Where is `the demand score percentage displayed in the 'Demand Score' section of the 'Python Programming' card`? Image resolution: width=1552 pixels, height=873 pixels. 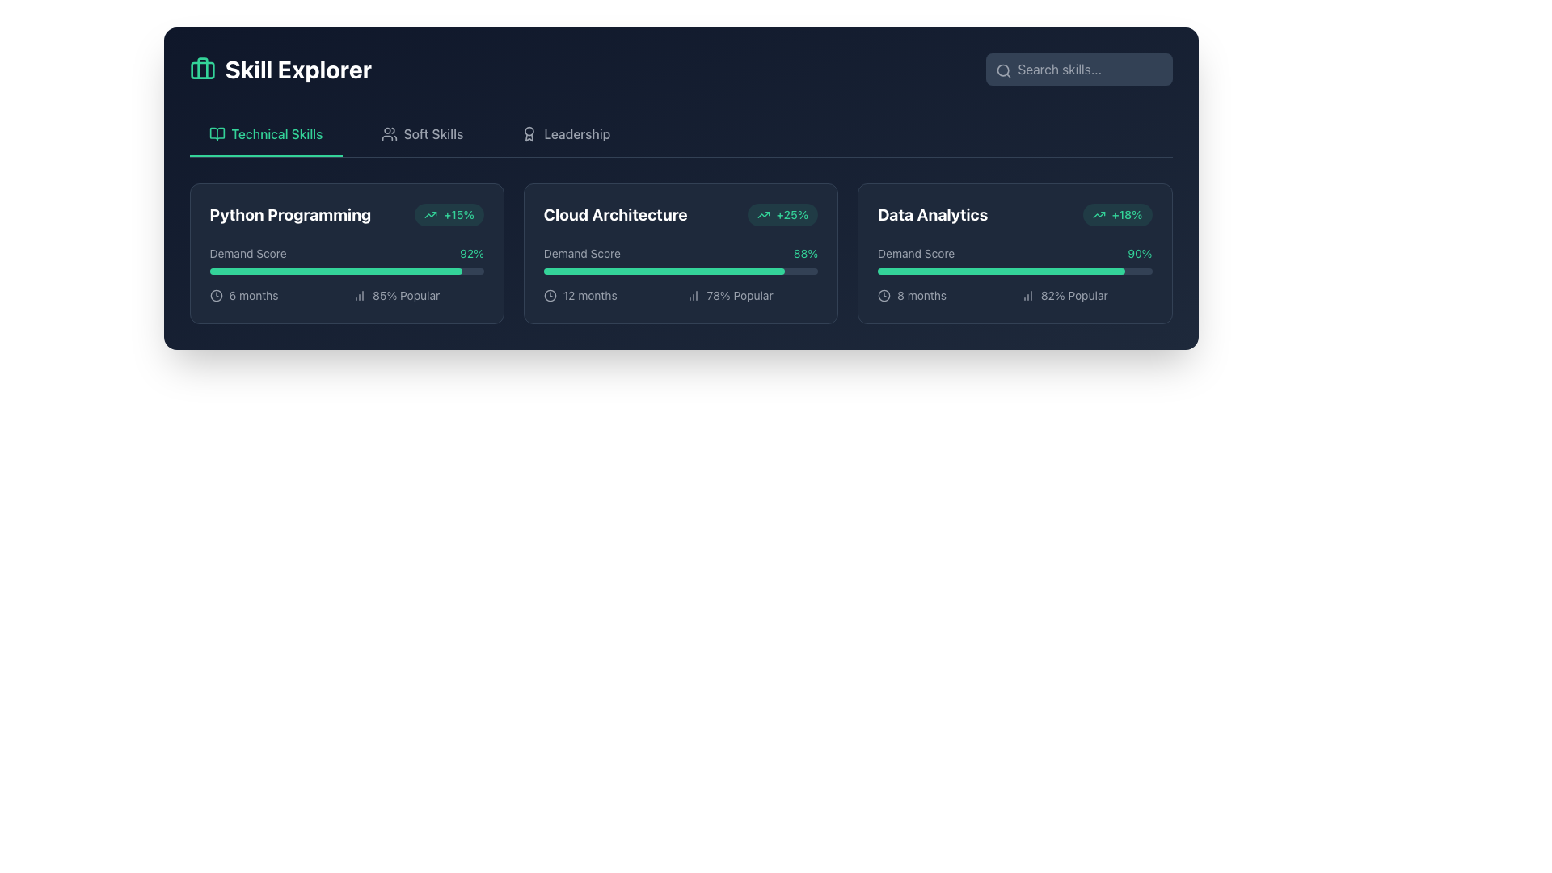
the demand score percentage displayed in the 'Demand Score' section of the 'Python Programming' card is located at coordinates (470, 253).